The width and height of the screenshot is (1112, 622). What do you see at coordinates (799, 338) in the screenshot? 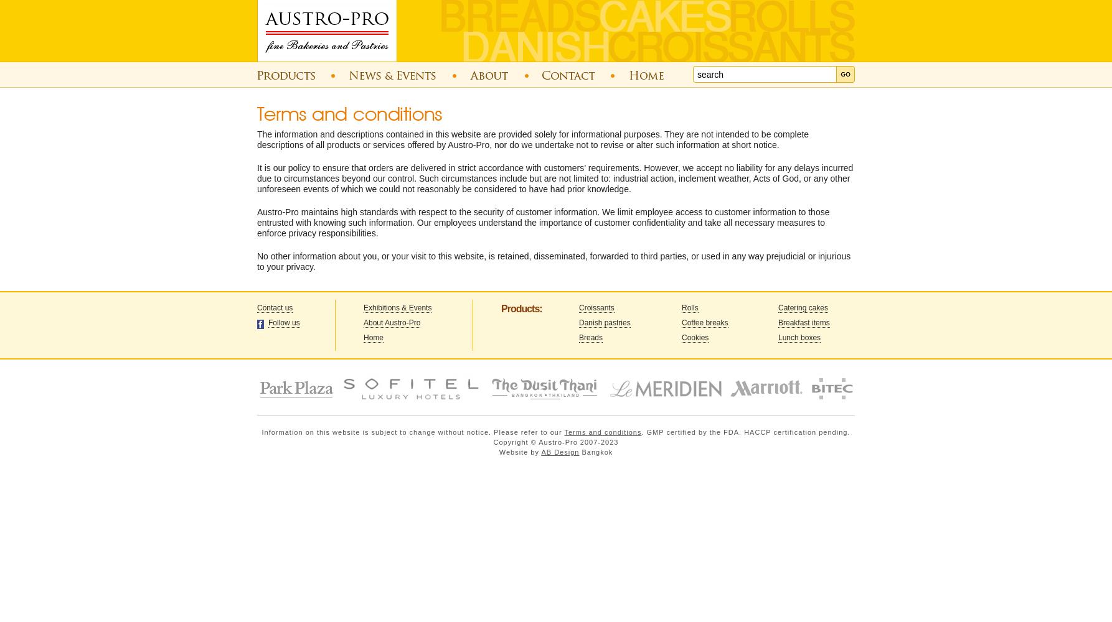
I see `'Lunch boxes'` at bounding box center [799, 338].